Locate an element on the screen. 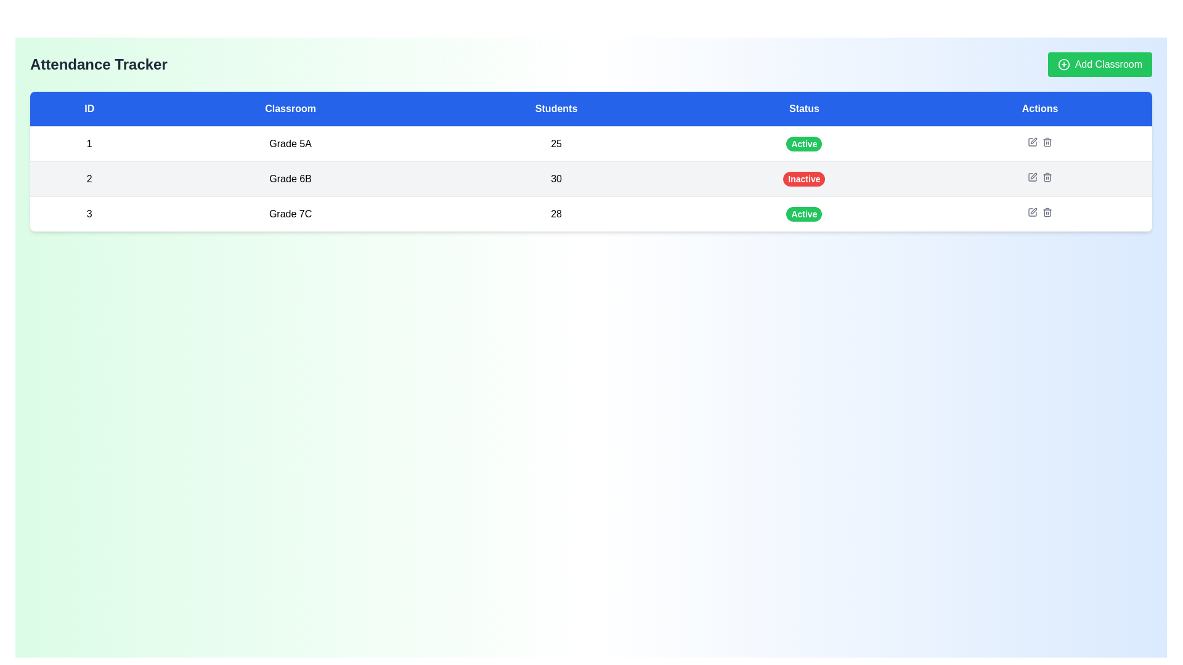  the text label displaying the number '2' in the first column of the second row under the header 'ID' for 'Grade 6B' is located at coordinates (89, 179).